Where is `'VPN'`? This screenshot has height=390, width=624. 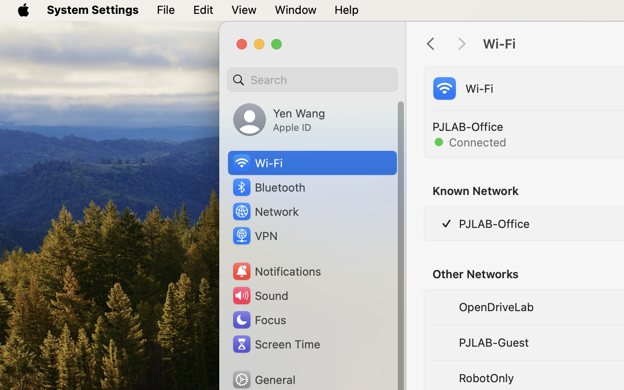
'VPN' is located at coordinates (254, 235).